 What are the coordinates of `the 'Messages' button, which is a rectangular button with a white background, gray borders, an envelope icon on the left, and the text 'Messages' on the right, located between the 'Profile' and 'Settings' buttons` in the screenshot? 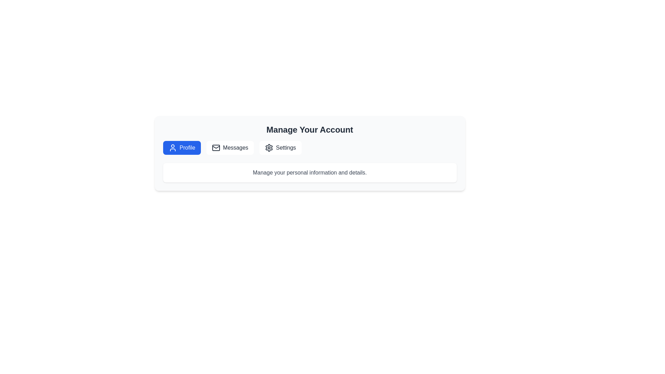 It's located at (230, 148).